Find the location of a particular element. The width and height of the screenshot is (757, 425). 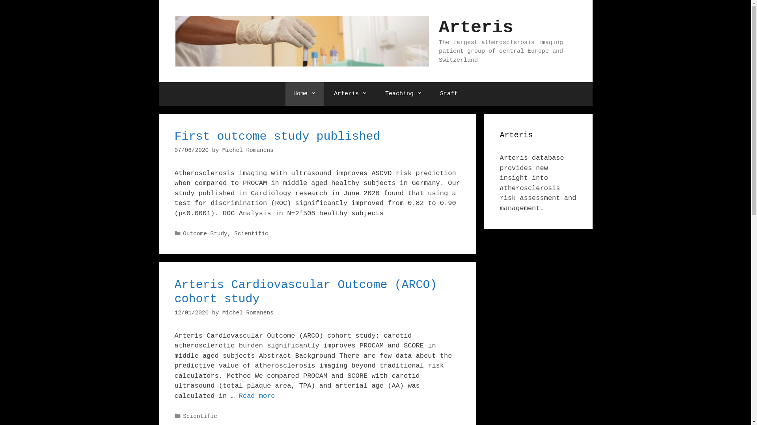

'Arteris' is located at coordinates (350, 94).